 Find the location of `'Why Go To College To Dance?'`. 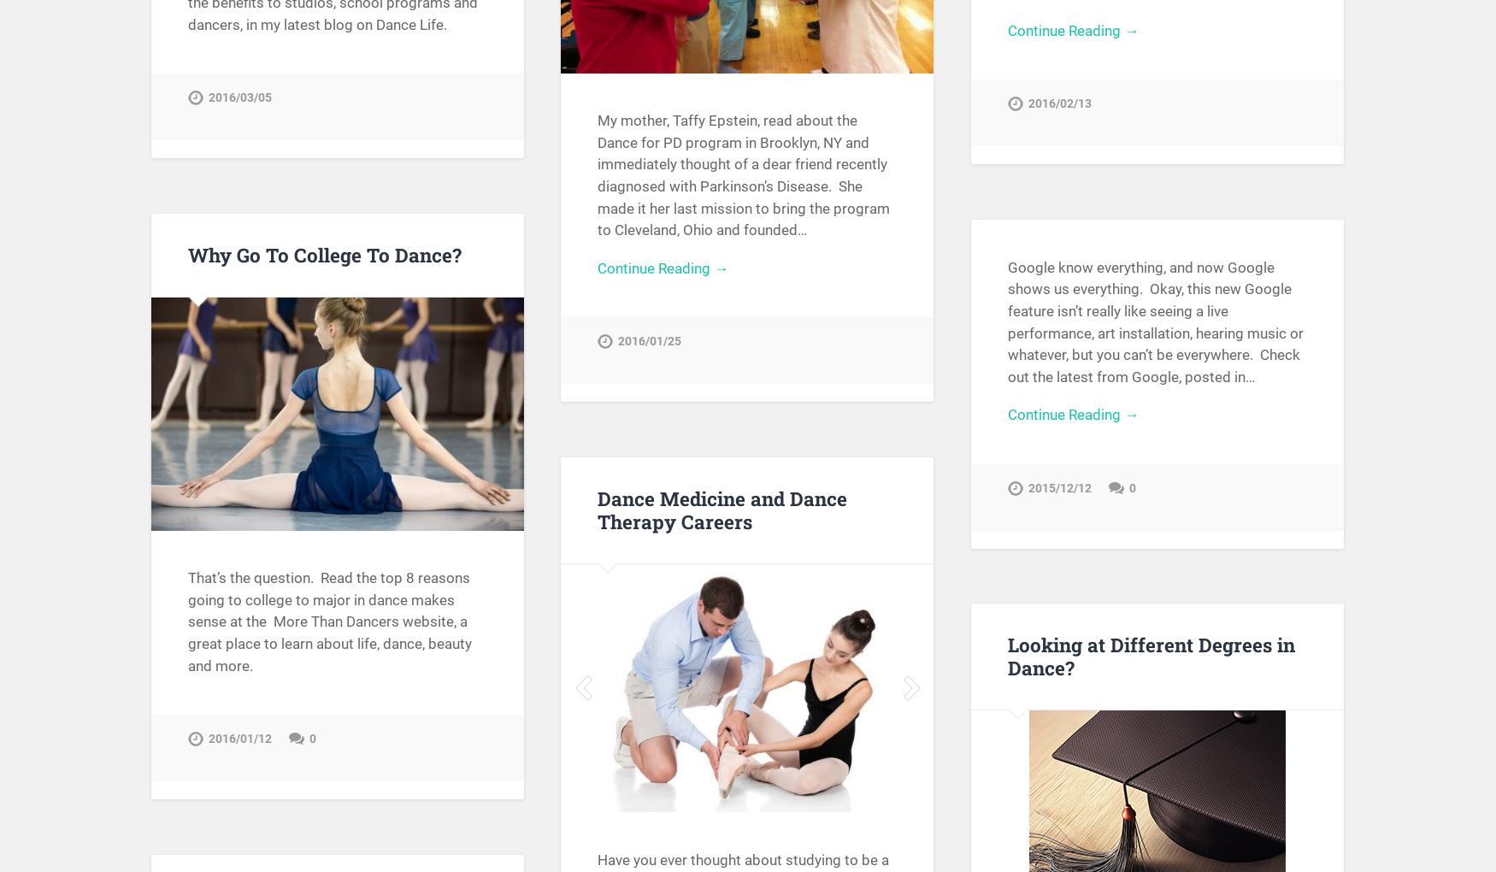

'Why Go To College To Dance?' is located at coordinates (323, 253).